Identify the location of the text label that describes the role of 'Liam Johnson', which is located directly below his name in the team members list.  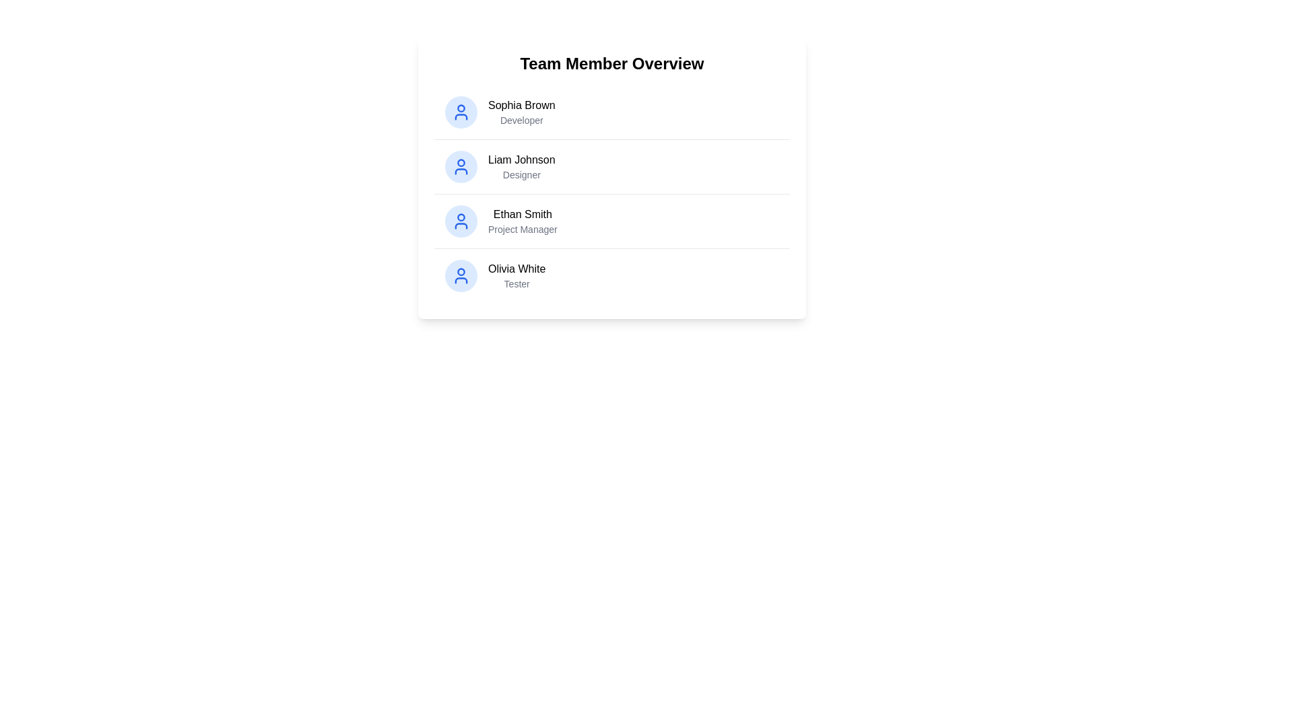
(521, 174).